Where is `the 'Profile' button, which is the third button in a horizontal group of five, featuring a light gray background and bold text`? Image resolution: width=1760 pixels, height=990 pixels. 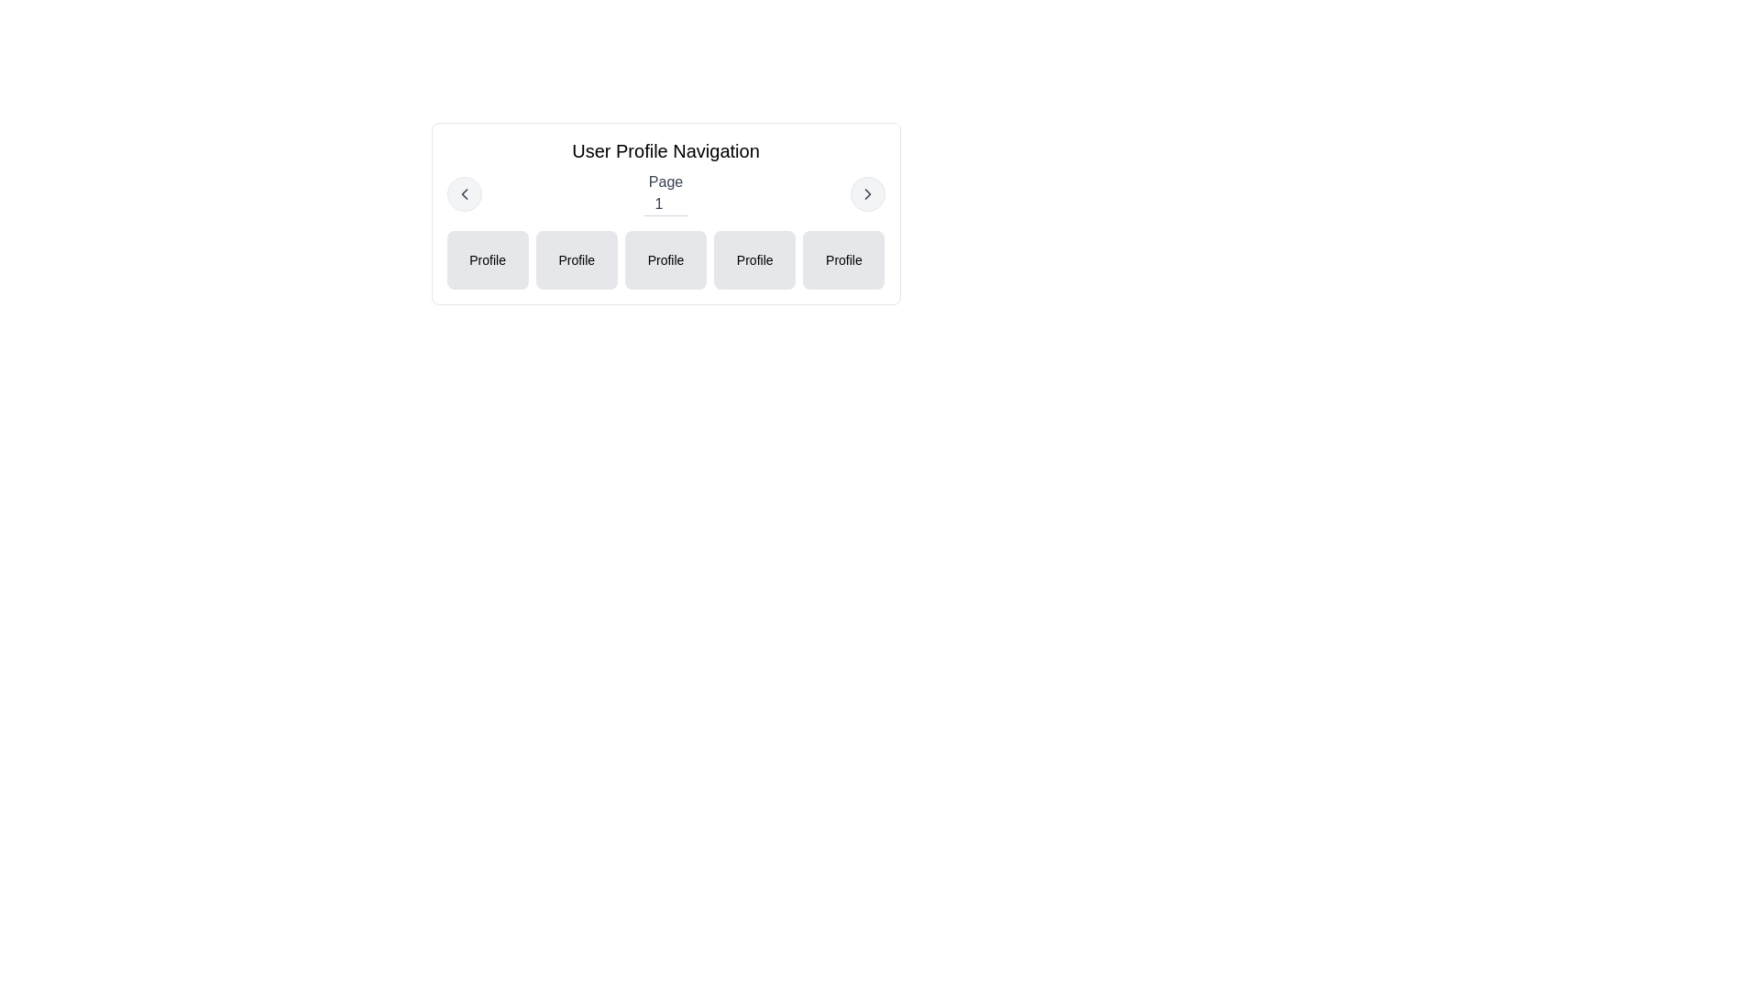 the 'Profile' button, which is the third button in a horizontal group of five, featuring a light gray background and bold text is located at coordinates (665, 260).